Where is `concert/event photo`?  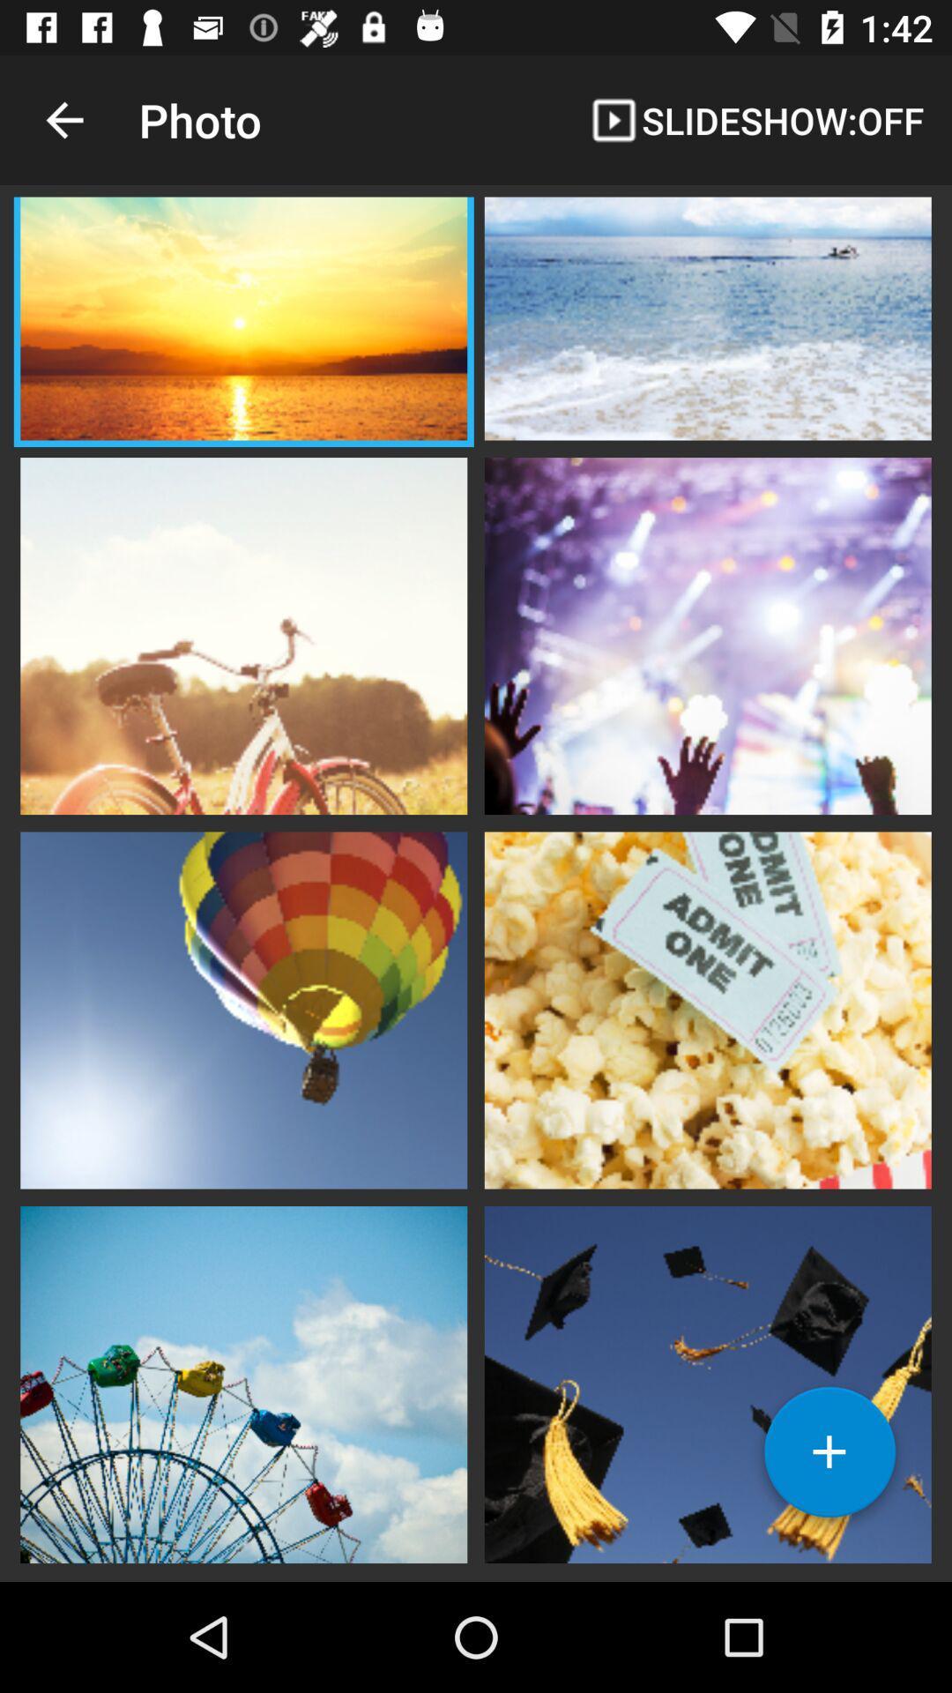
concert/event photo is located at coordinates (707, 634).